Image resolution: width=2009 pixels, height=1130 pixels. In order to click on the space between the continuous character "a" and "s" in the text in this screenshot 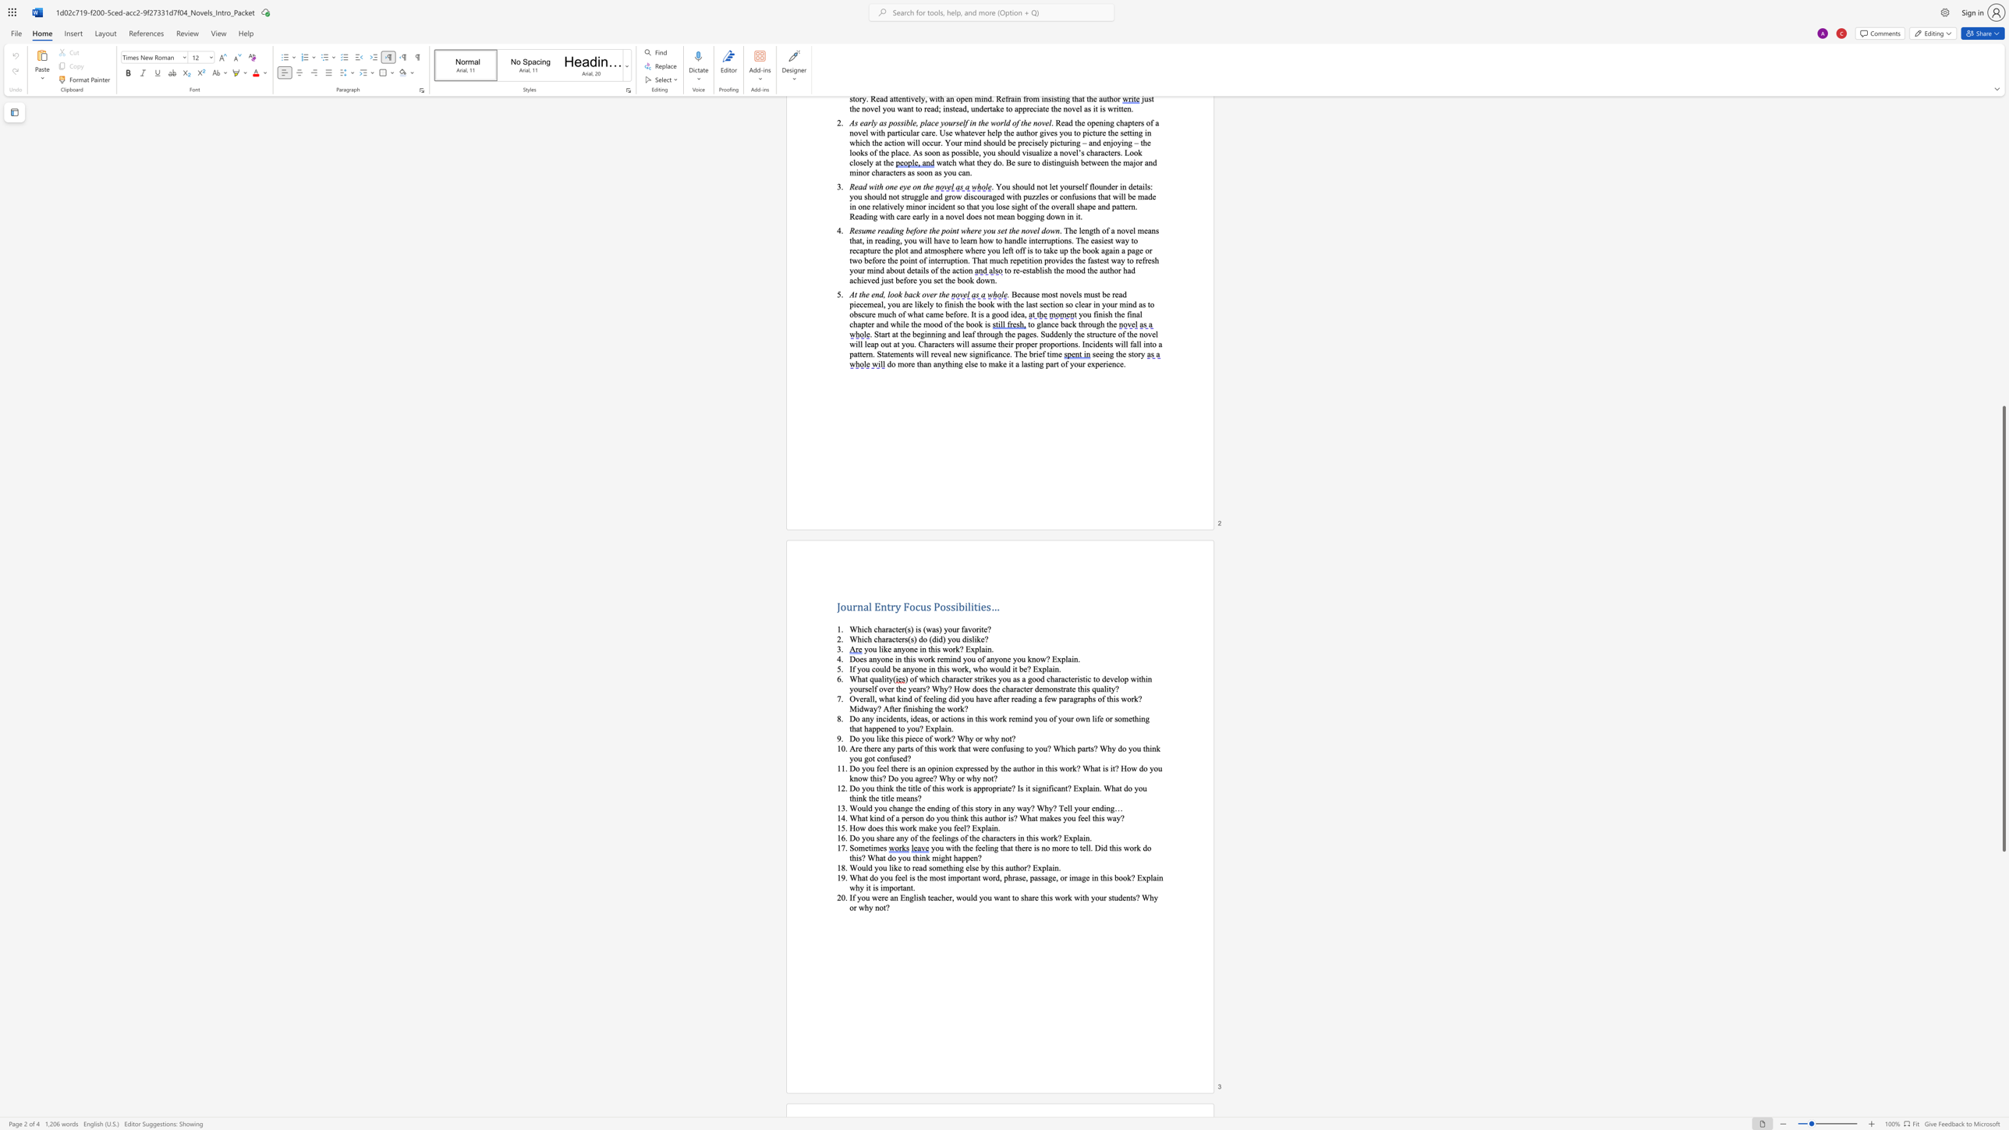, I will do `click(1016, 678)`.